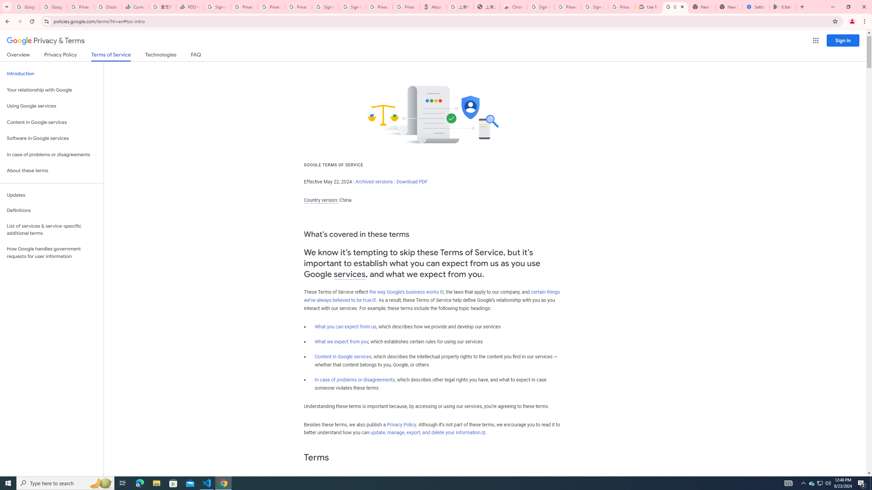 This screenshot has width=872, height=490. Describe the element at coordinates (51, 252) in the screenshot. I see `'How Google handles government requests for user information'` at that location.